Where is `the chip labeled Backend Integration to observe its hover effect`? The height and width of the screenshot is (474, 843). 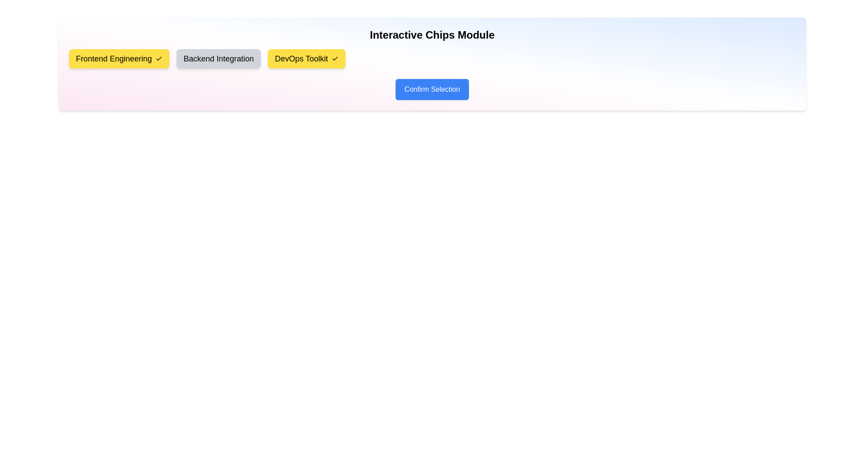 the chip labeled Backend Integration to observe its hover effect is located at coordinates (219, 59).